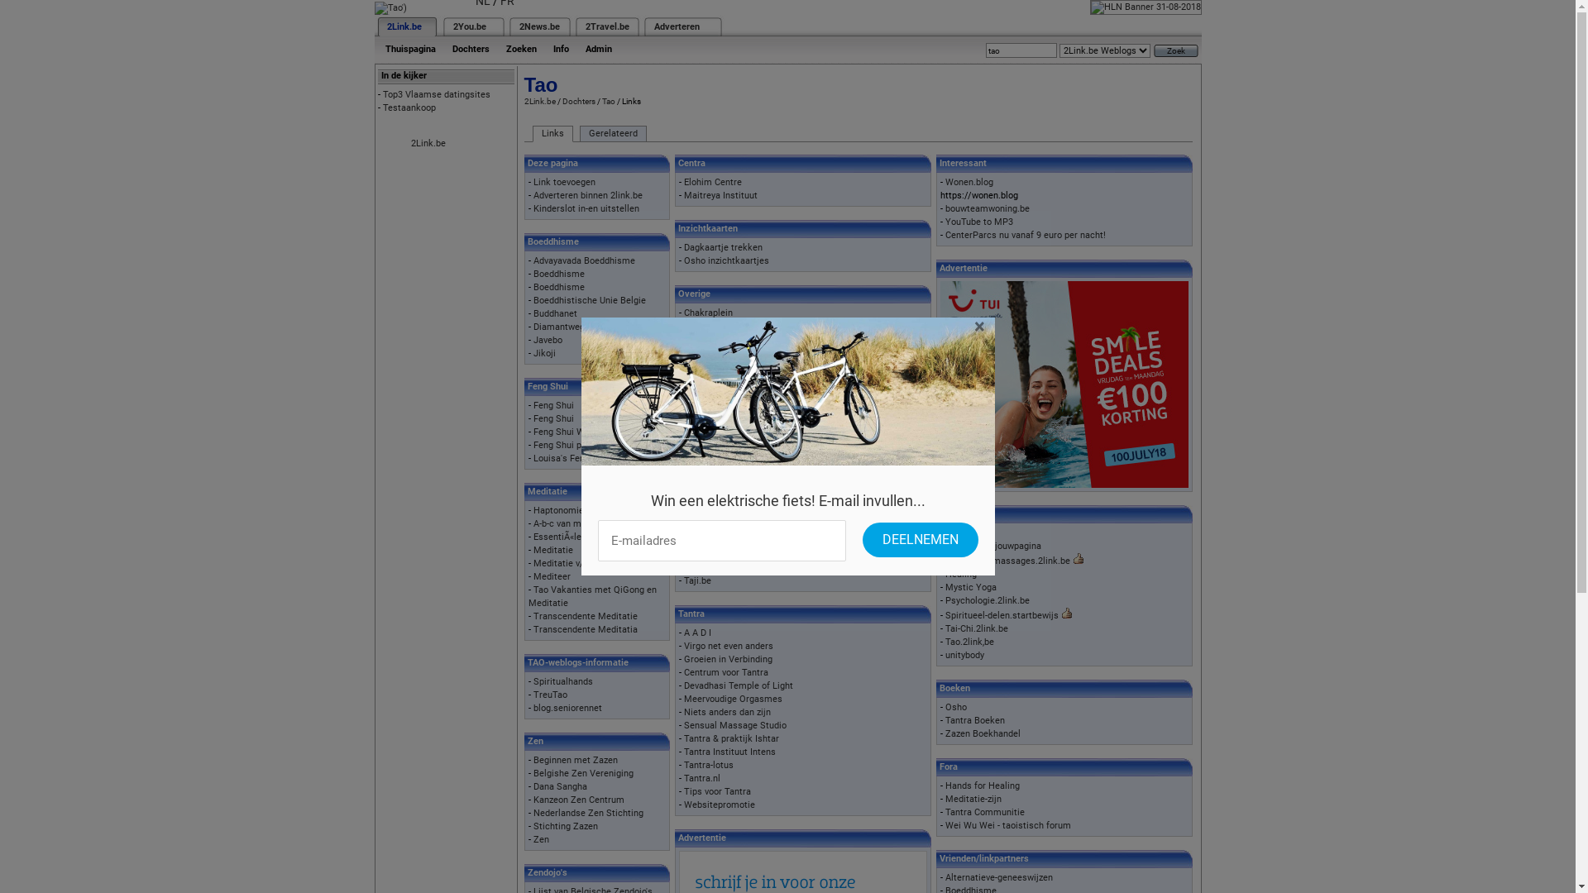 Image resolution: width=1588 pixels, height=893 pixels. Describe the element at coordinates (682, 580) in the screenshot. I see `'Taji.be'` at that location.